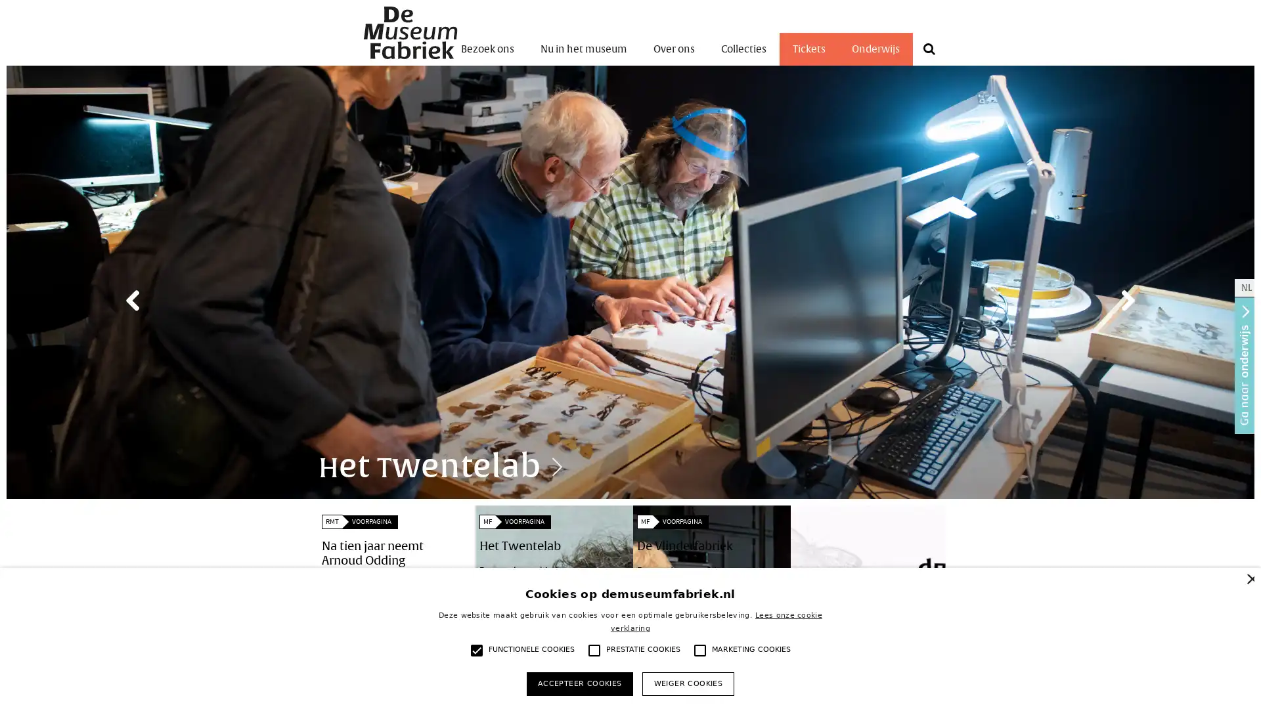  Describe the element at coordinates (687, 683) in the screenshot. I see `WEIGER COOKIES` at that location.